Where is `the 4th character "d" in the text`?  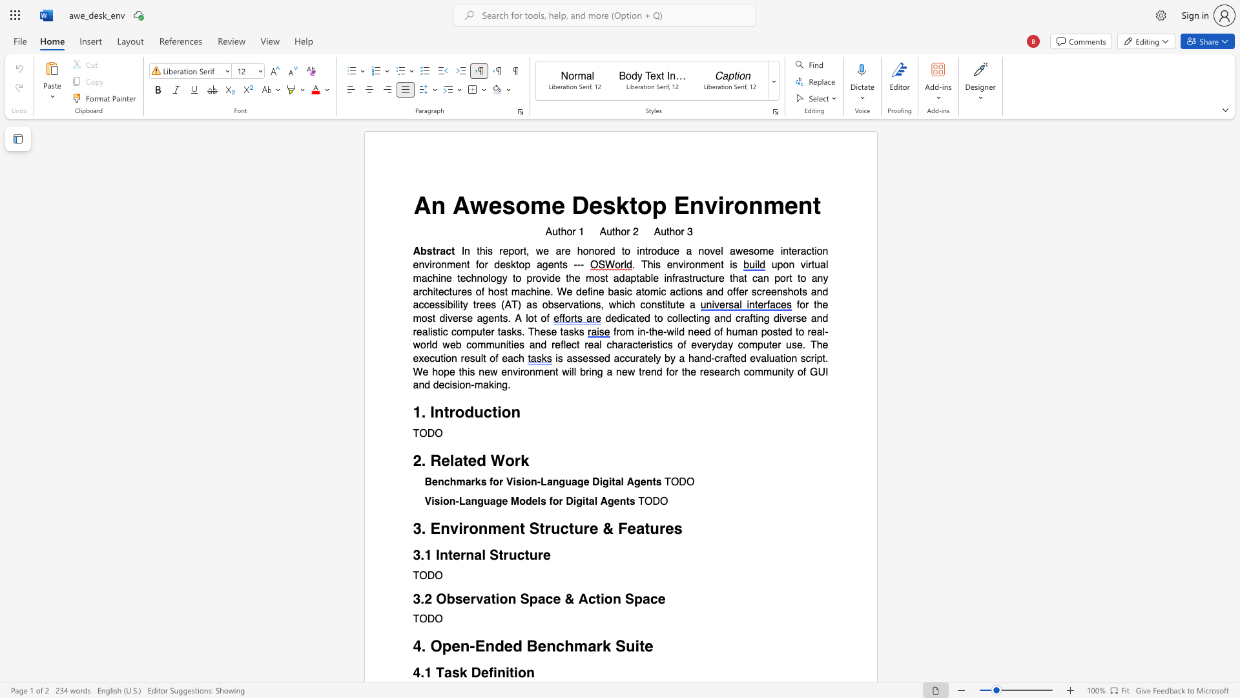
the 4th character "d" in the text is located at coordinates (435, 344).